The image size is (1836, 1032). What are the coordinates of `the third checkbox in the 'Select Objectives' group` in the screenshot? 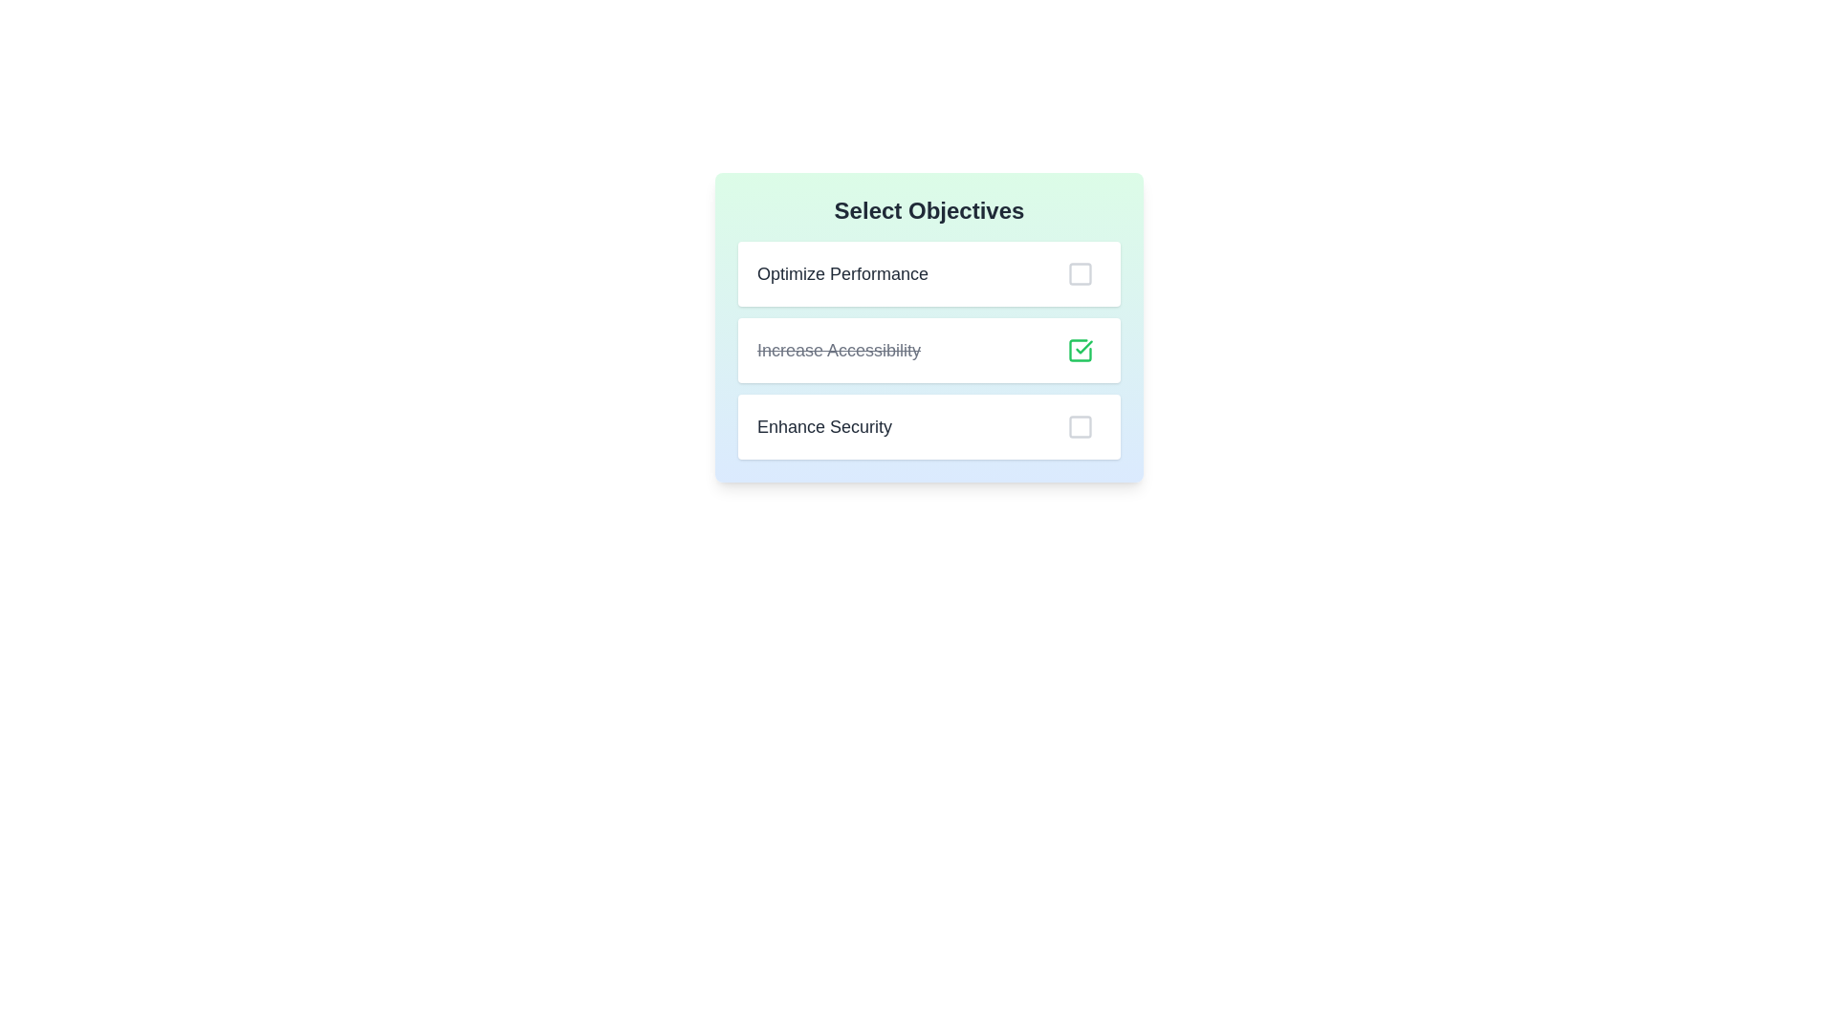 It's located at (1080, 426).